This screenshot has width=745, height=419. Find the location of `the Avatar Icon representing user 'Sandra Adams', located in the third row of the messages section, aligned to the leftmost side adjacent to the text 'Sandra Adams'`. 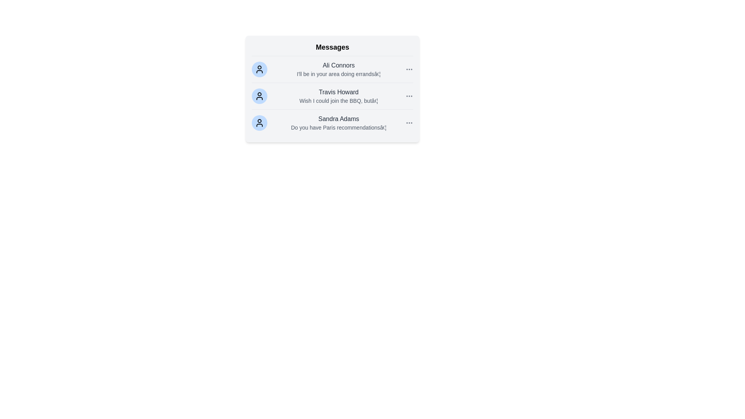

the Avatar Icon representing user 'Sandra Adams', located in the third row of the messages section, aligned to the leftmost side adjacent to the text 'Sandra Adams' is located at coordinates (259, 122).